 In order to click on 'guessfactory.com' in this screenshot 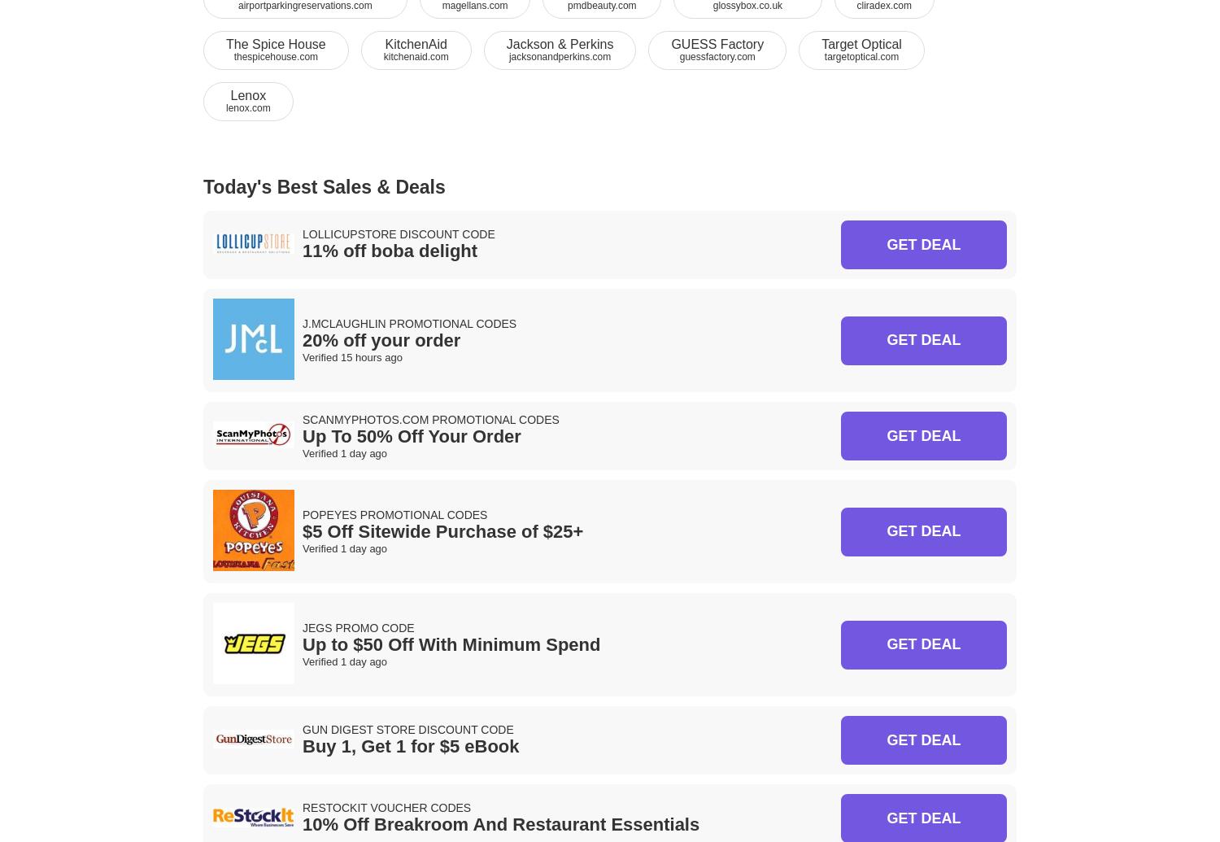, I will do `click(678, 56)`.